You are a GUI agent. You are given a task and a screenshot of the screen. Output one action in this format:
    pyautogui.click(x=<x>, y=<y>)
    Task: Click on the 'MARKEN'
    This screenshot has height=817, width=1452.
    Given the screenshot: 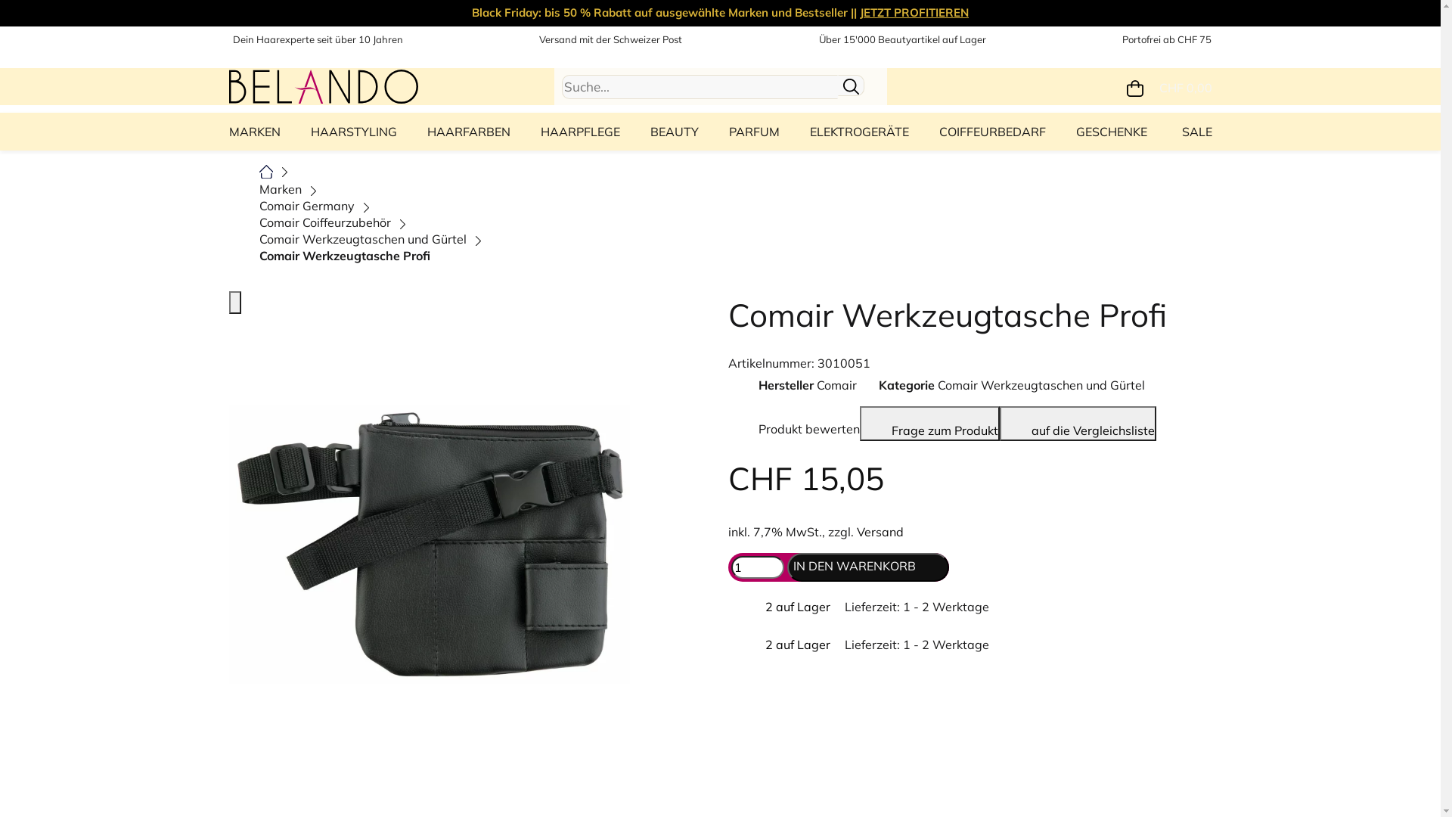 What is the action you would take?
    pyautogui.click(x=257, y=130)
    